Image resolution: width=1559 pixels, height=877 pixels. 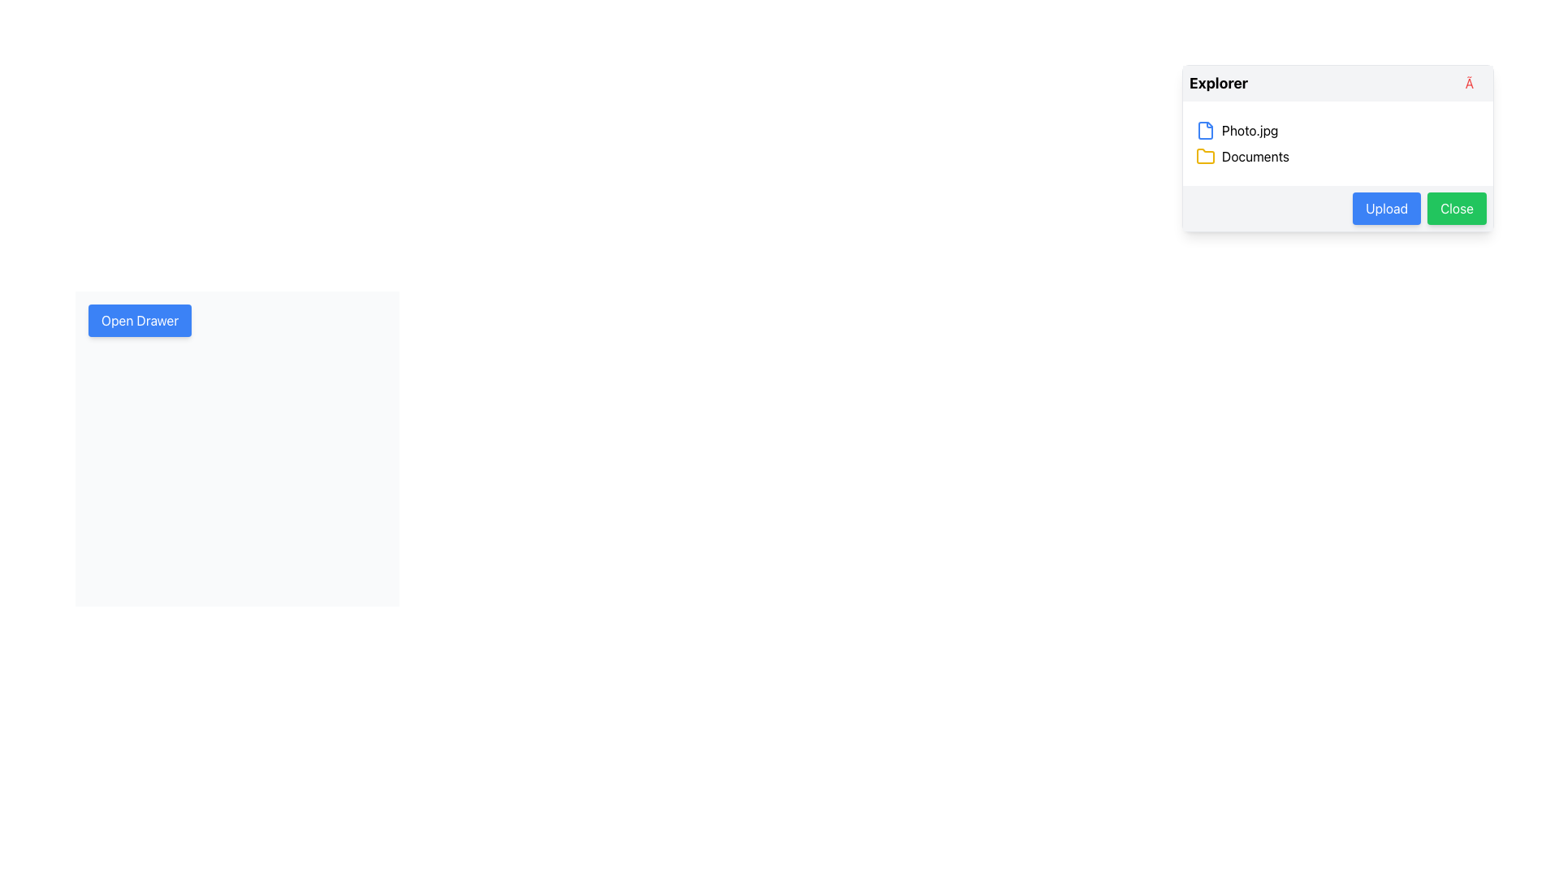 I want to click on the yellow folder icon located to the left of the 'Documents' label in the 'Explorer' panel, so click(x=1205, y=156).